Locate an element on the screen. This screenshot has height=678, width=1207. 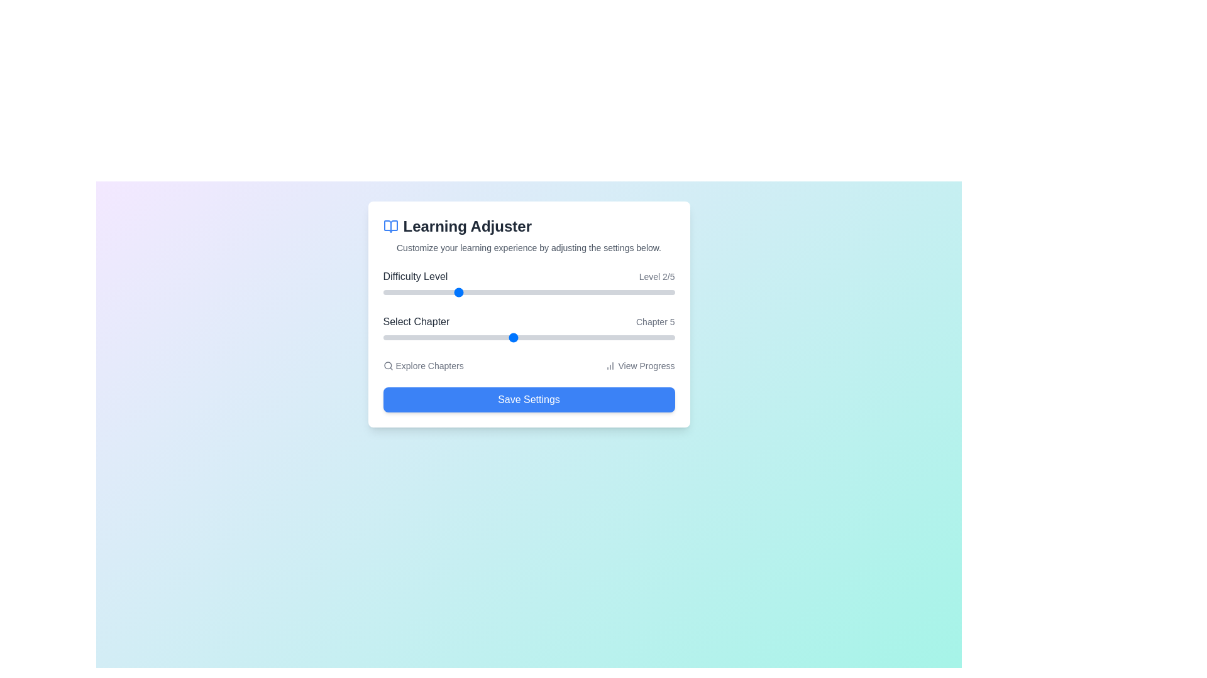
the static text label displaying 'Level 2/5', which is located to the right of the 'Difficulty Level' slider is located at coordinates (656, 276).